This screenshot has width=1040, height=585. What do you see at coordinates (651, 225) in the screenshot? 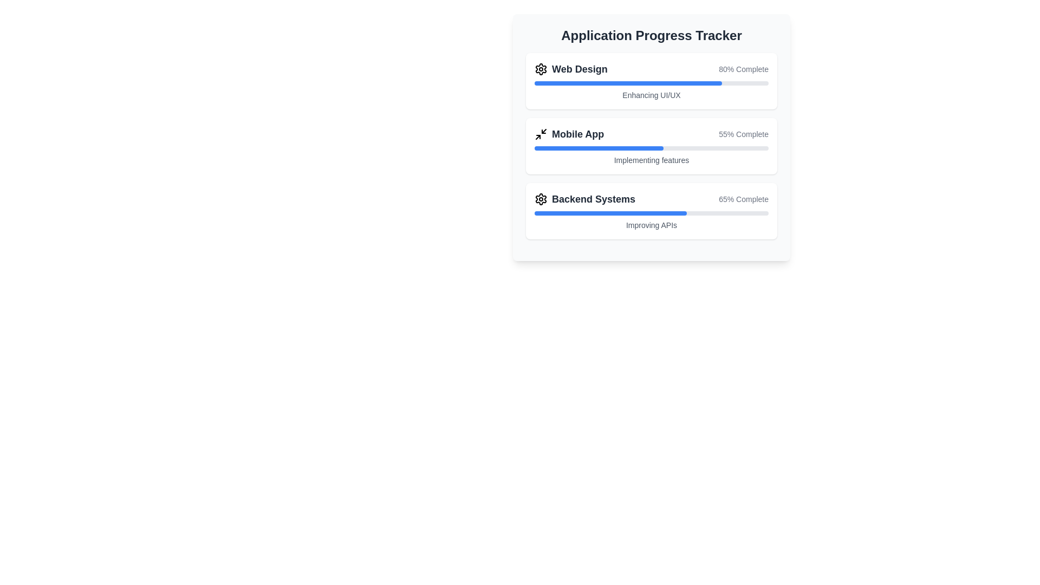
I see `the text element reading 'Improving APIs' styled in small gray font, which is located beneath the progress bar in the 'Backend Systems' card` at bounding box center [651, 225].